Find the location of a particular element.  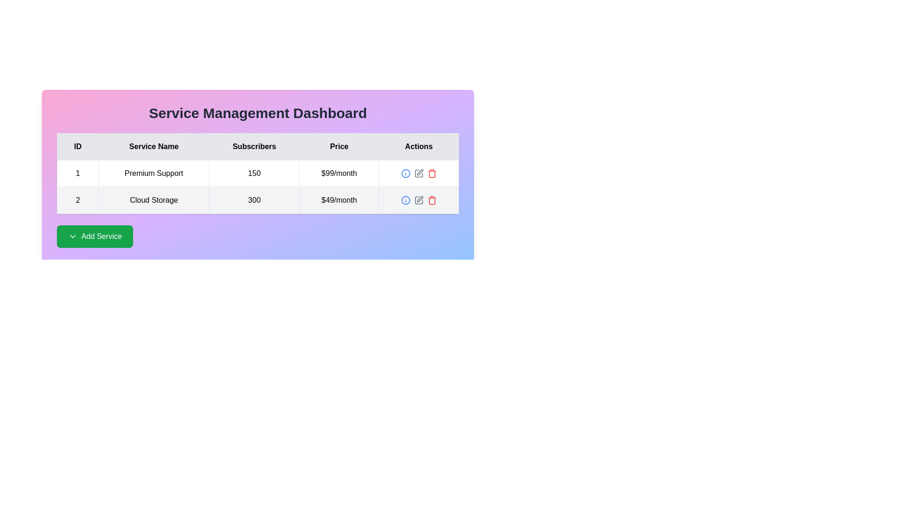

the red trash can icon in the Actions section of the row corresponding to 'Premium Support' is located at coordinates (431, 174).